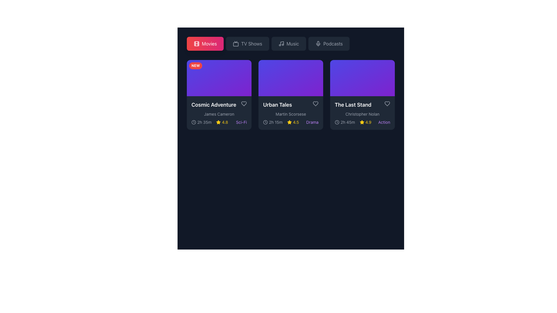 This screenshot has height=313, width=557. I want to click on text label displaying '2h 35m' with a clock icon on its left, located at the bottom-left section of the 'Cosmic Adventure' card, so click(201, 122).